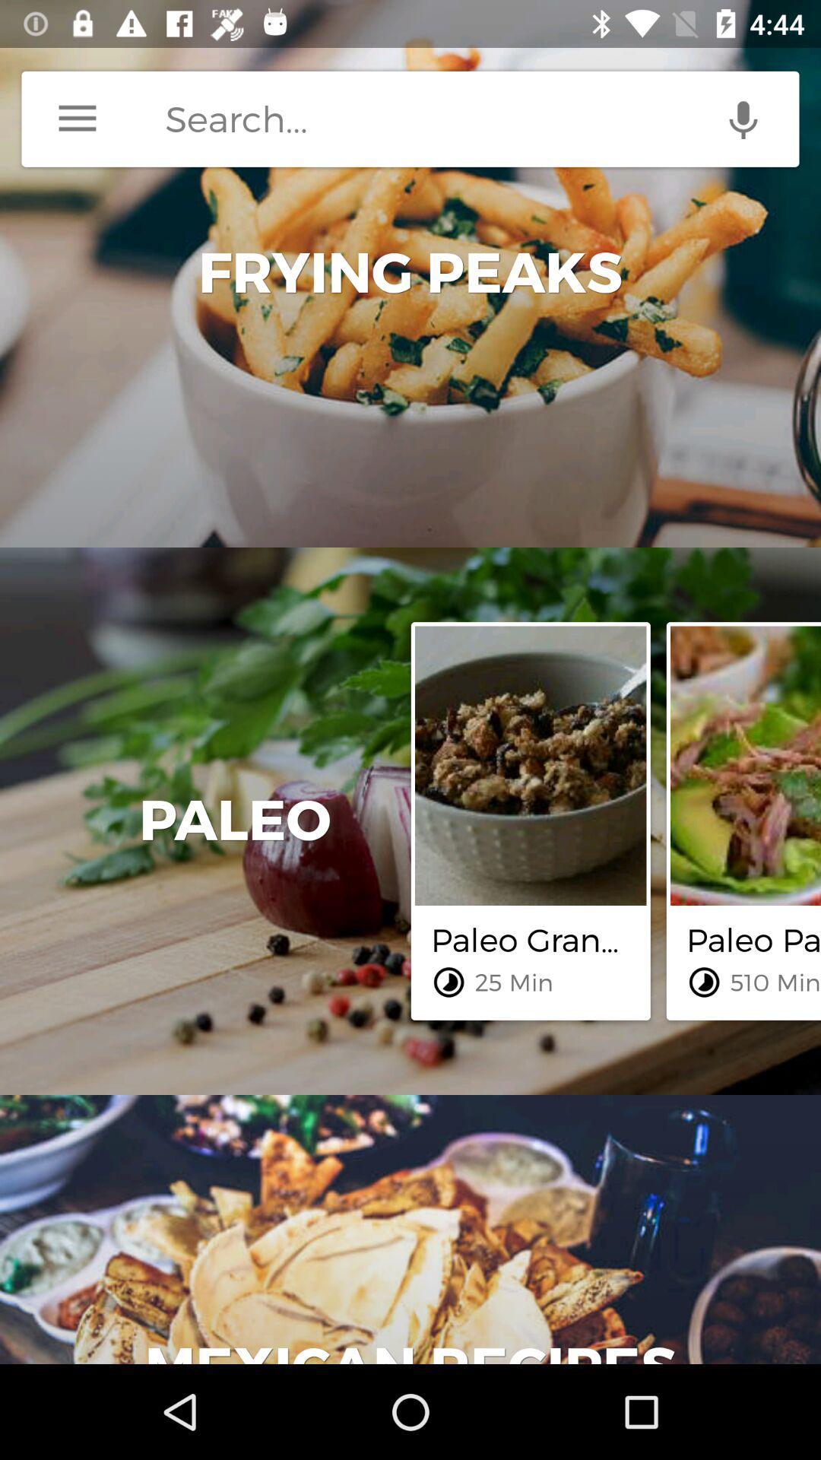 Image resolution: width=821 pixels, height=1460 pixels. What do you see at coordinates (77, 118) in the screenshot?
I see `menu` at bounding box center [77, 118].